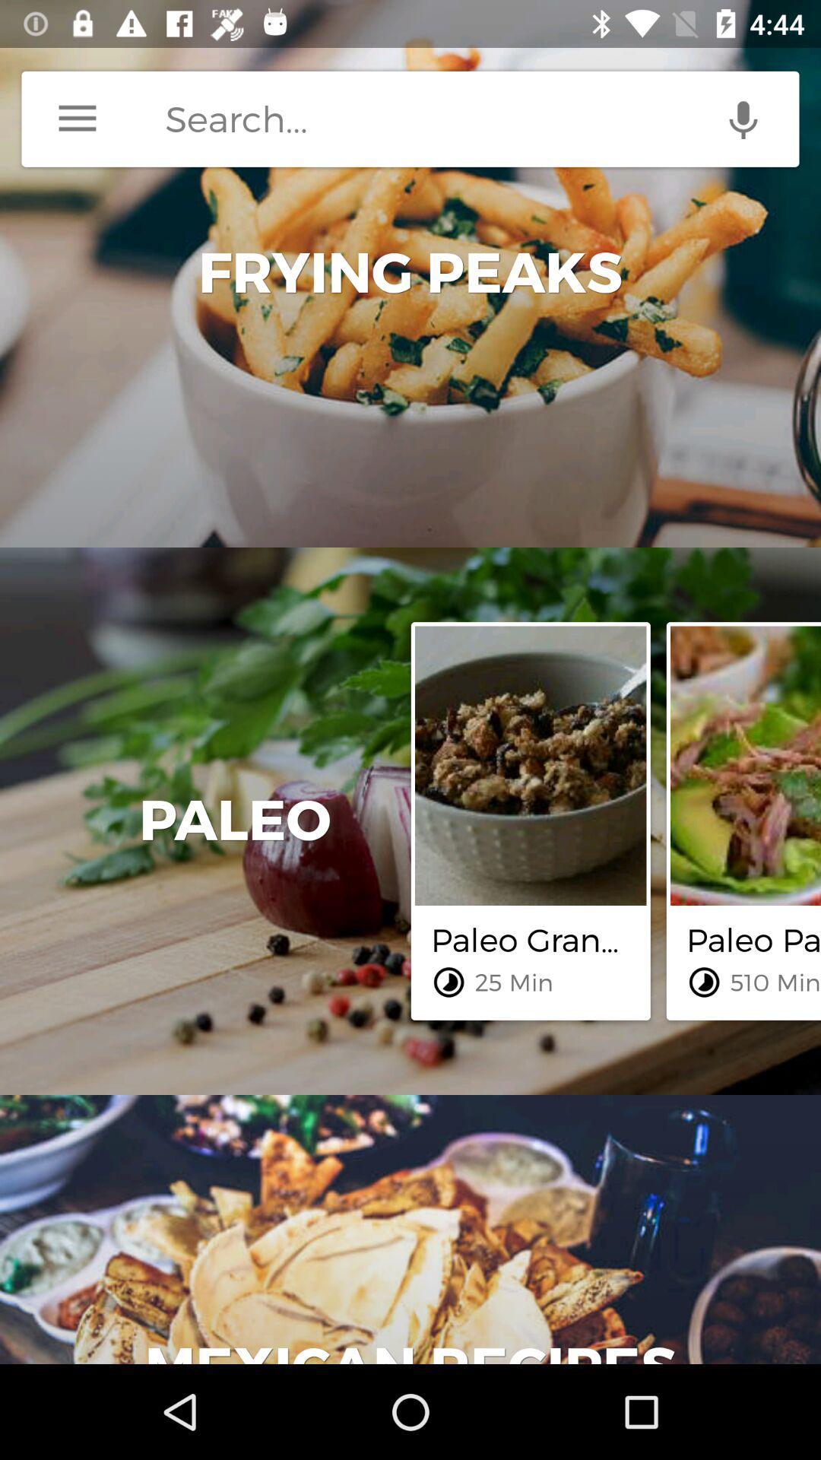 Image resolution: width=821 pixels, height=1460 pixels. What do you see at coordinates (77, 118) in the screenshot?
I see `menu` at bounding box center [77, 118].